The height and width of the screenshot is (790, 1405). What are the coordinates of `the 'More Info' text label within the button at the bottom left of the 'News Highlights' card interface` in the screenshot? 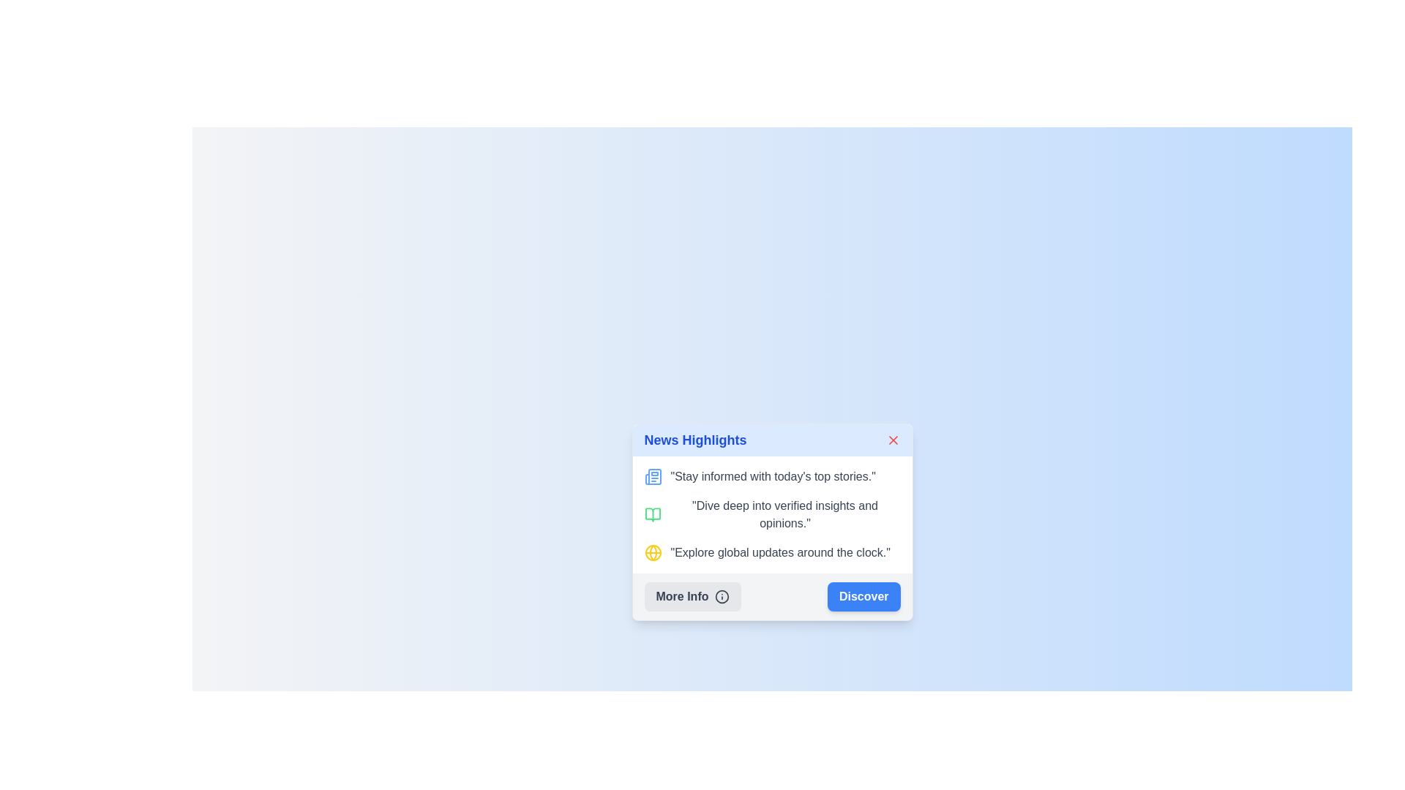 It's located at (681, 597).